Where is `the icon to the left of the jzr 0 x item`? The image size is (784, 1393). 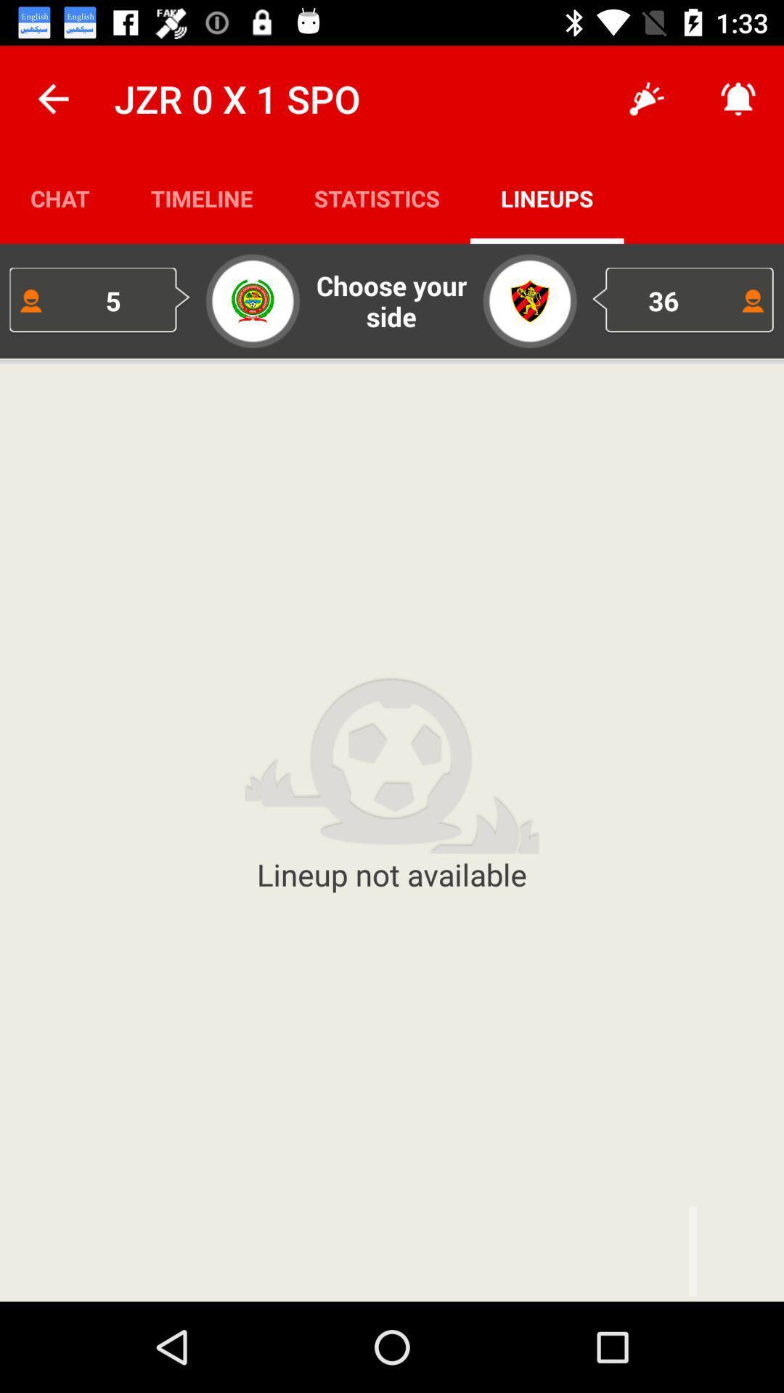
the icon to the left of the jzr 0 x item is located at coordinates (52, 98).